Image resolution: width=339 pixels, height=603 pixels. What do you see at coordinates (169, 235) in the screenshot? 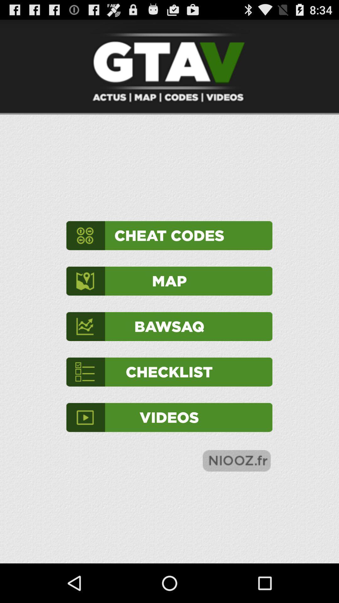
I see `the cheat codes item` at bounding box center [169, 235].